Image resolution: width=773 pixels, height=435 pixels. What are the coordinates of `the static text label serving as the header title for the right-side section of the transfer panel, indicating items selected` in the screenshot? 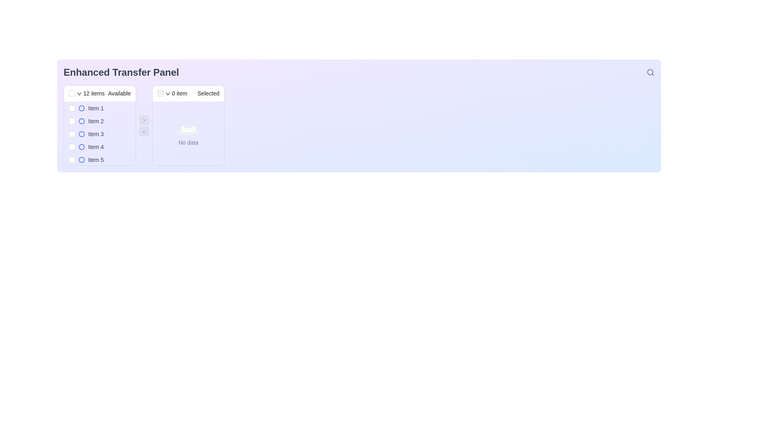 It's located at (204, 93).